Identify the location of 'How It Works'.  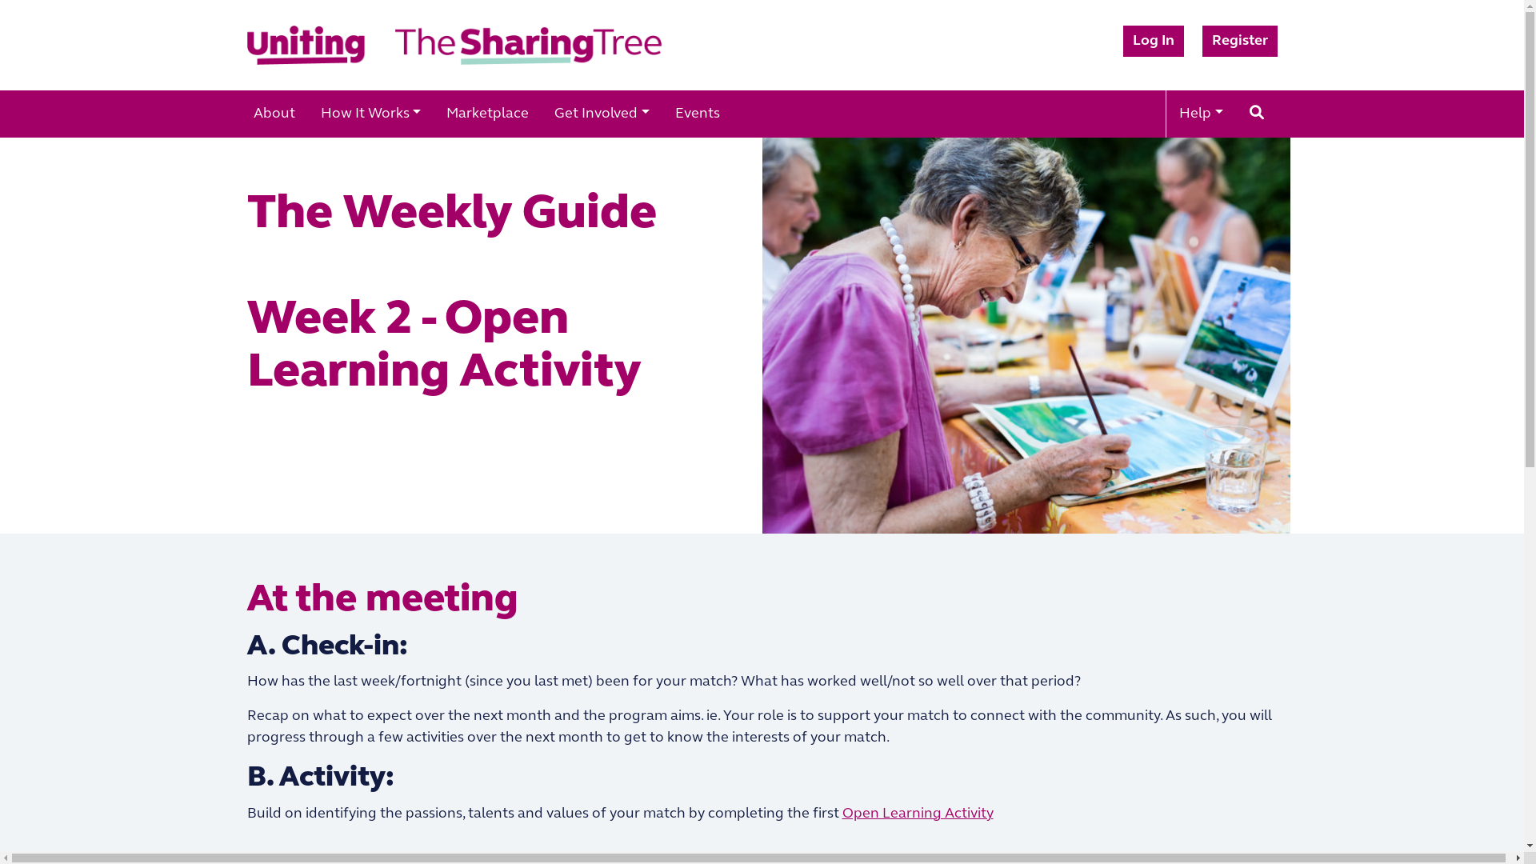
(369, 113).